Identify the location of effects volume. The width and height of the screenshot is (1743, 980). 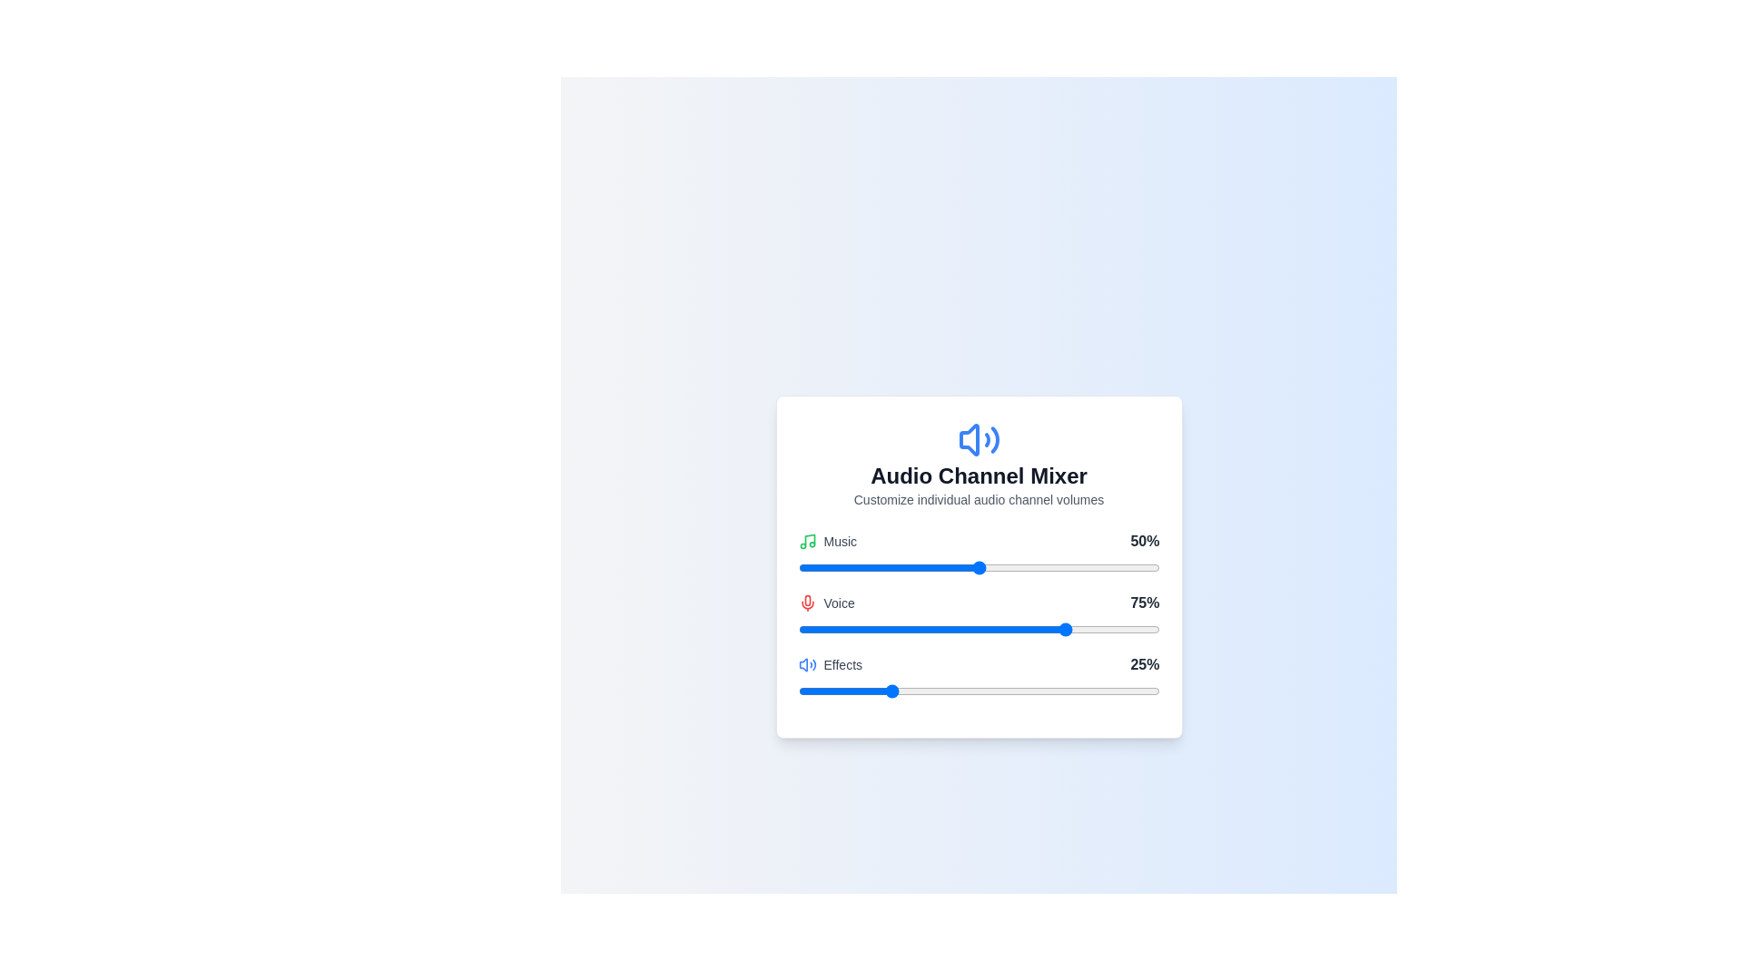
(852, 691).